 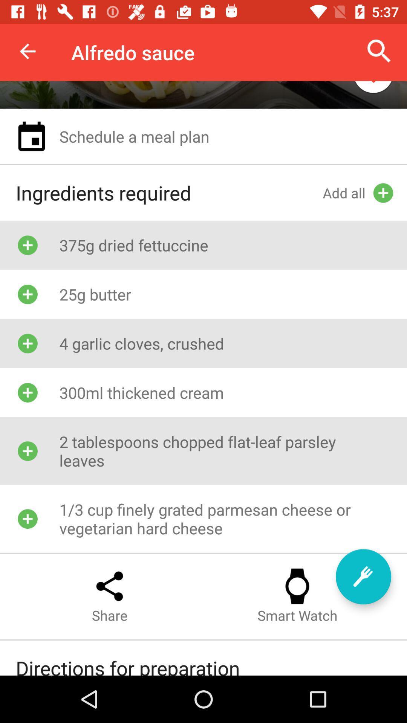 I want to click on the item next to the alfredo sauce, so click(x=27, y=51).